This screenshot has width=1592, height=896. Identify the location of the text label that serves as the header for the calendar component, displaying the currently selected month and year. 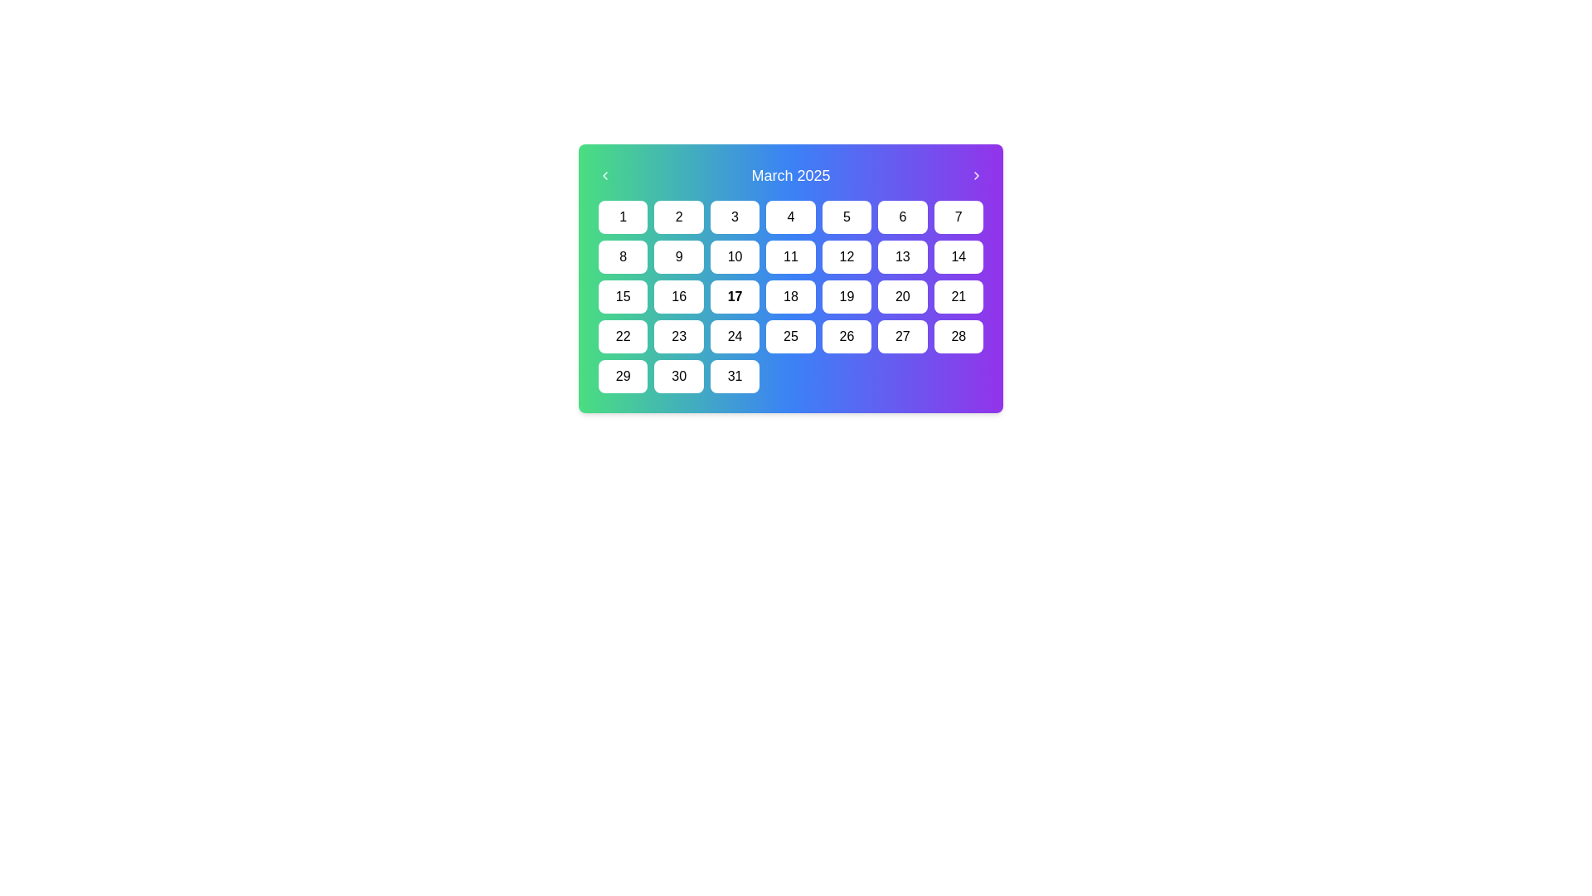
(790, 176).